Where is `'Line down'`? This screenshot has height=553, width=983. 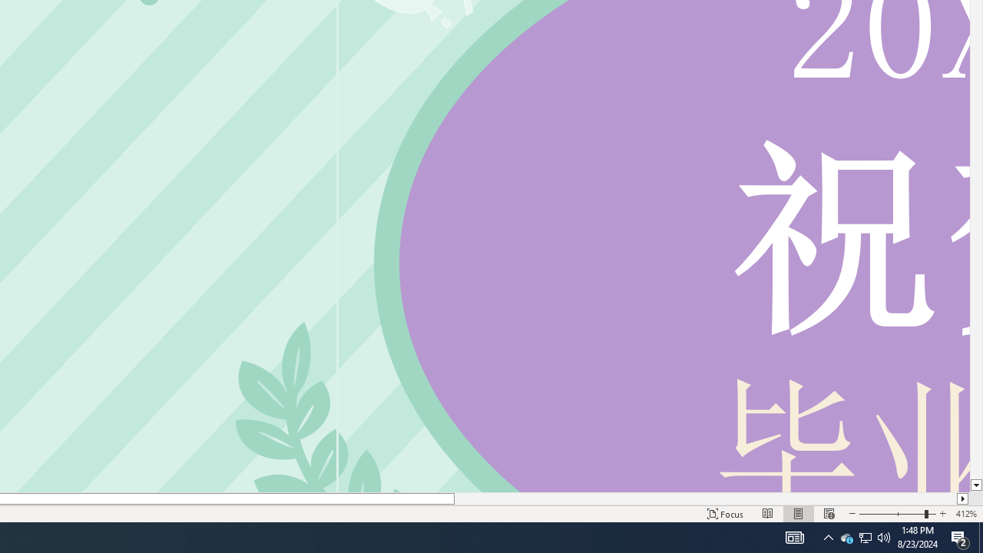 'Line down' is located at coordinates (975, 485).